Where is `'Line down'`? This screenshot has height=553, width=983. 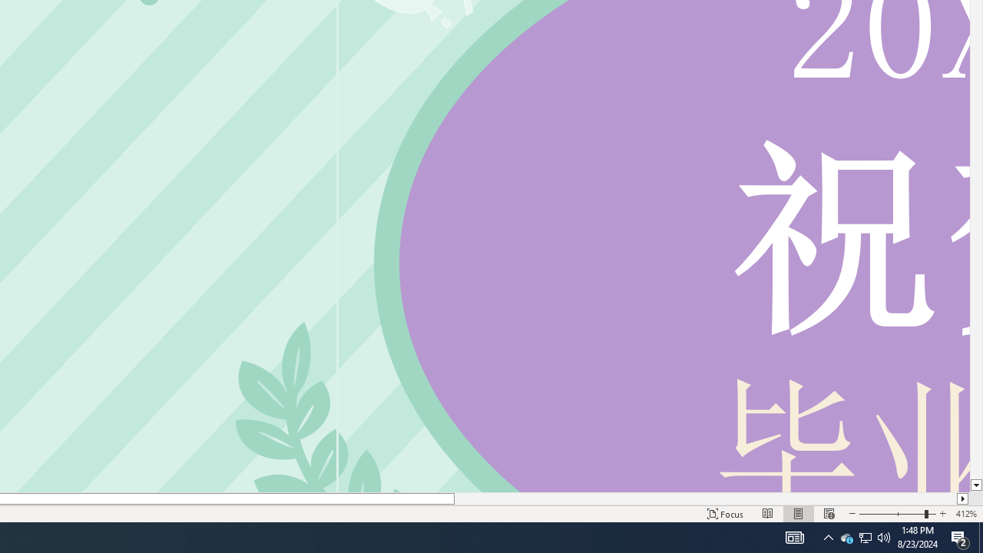 'Line down' is located at coordinates (975, 485).